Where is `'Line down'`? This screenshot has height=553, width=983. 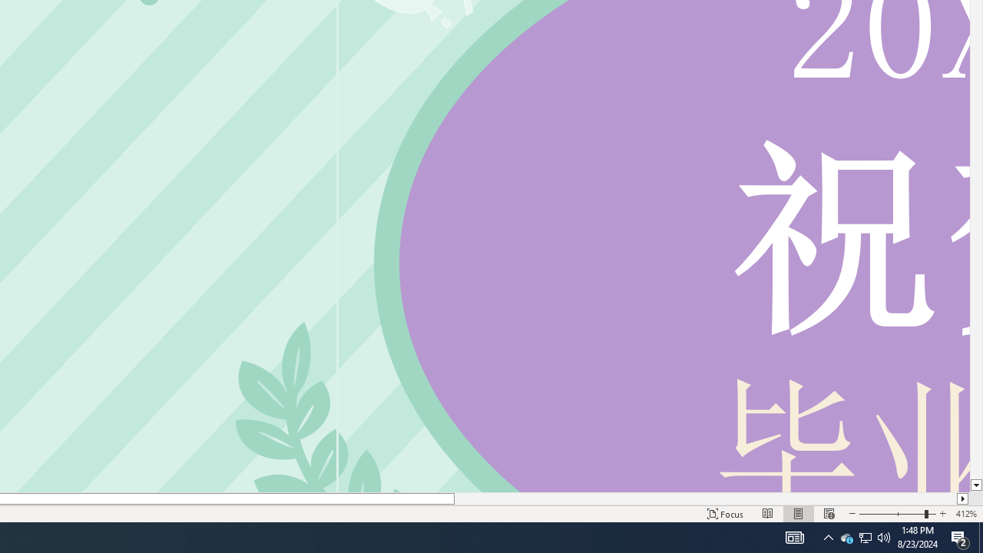 'Line down' is located at coordinates (975, 485).